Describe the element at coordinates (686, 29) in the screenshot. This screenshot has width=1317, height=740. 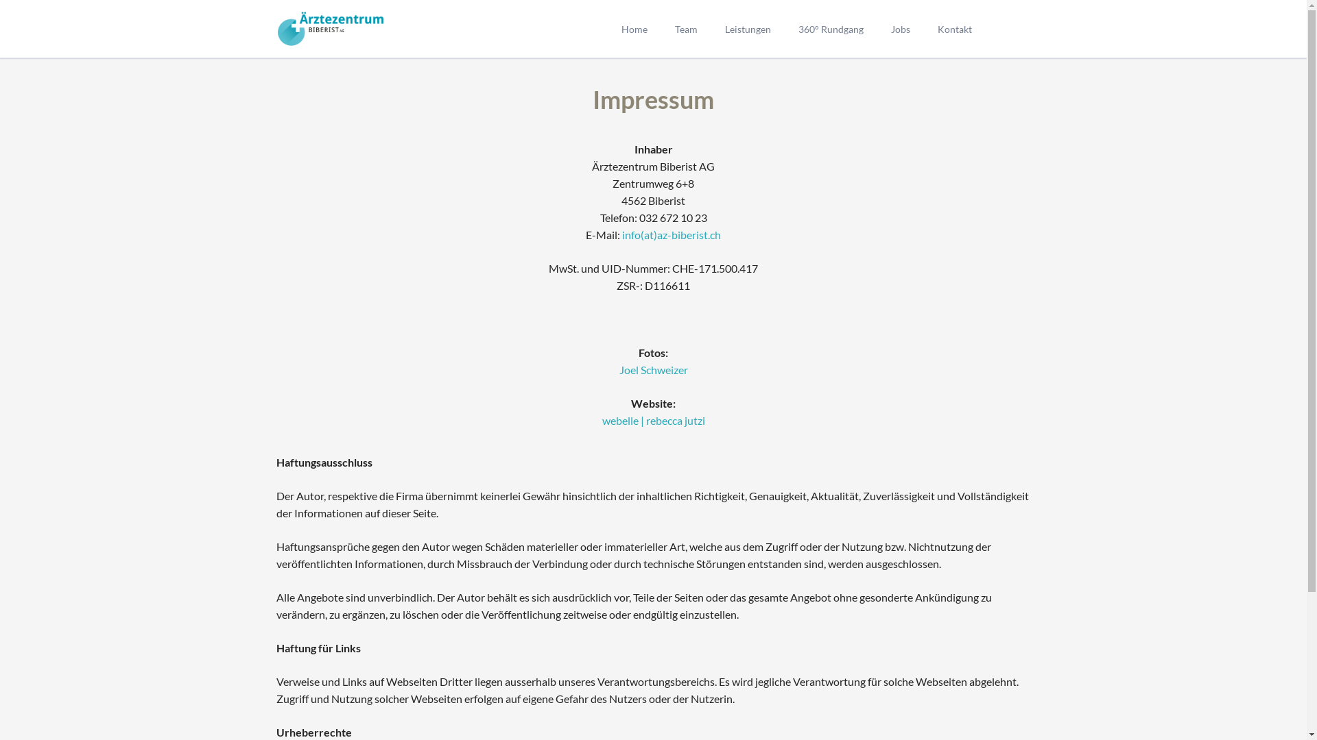
I see `'Team'` at that location.